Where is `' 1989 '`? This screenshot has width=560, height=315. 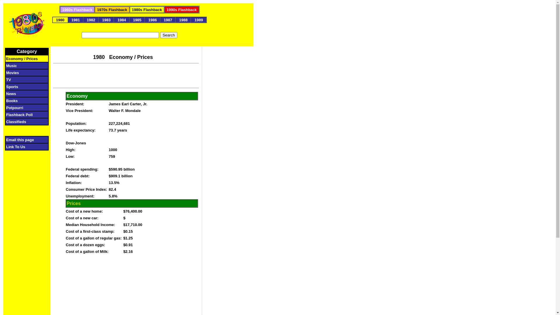
' 1989 ' is located at coordinates (199, 19).